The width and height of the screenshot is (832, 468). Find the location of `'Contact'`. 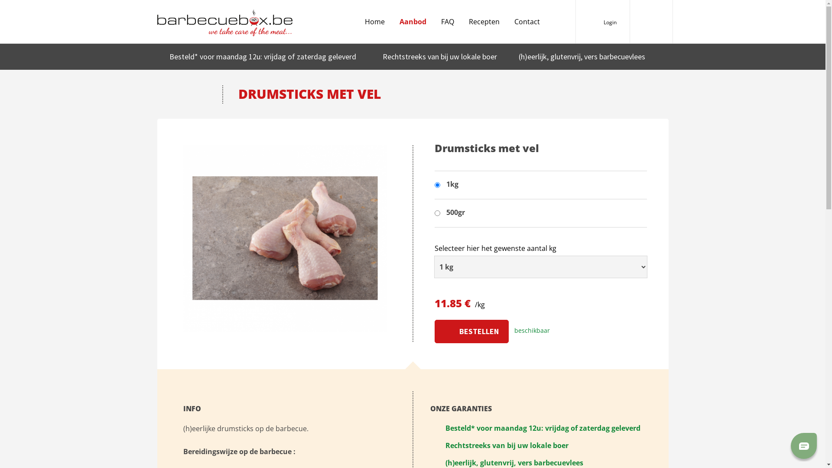

'Contact' is located at coordinates (526, 21).